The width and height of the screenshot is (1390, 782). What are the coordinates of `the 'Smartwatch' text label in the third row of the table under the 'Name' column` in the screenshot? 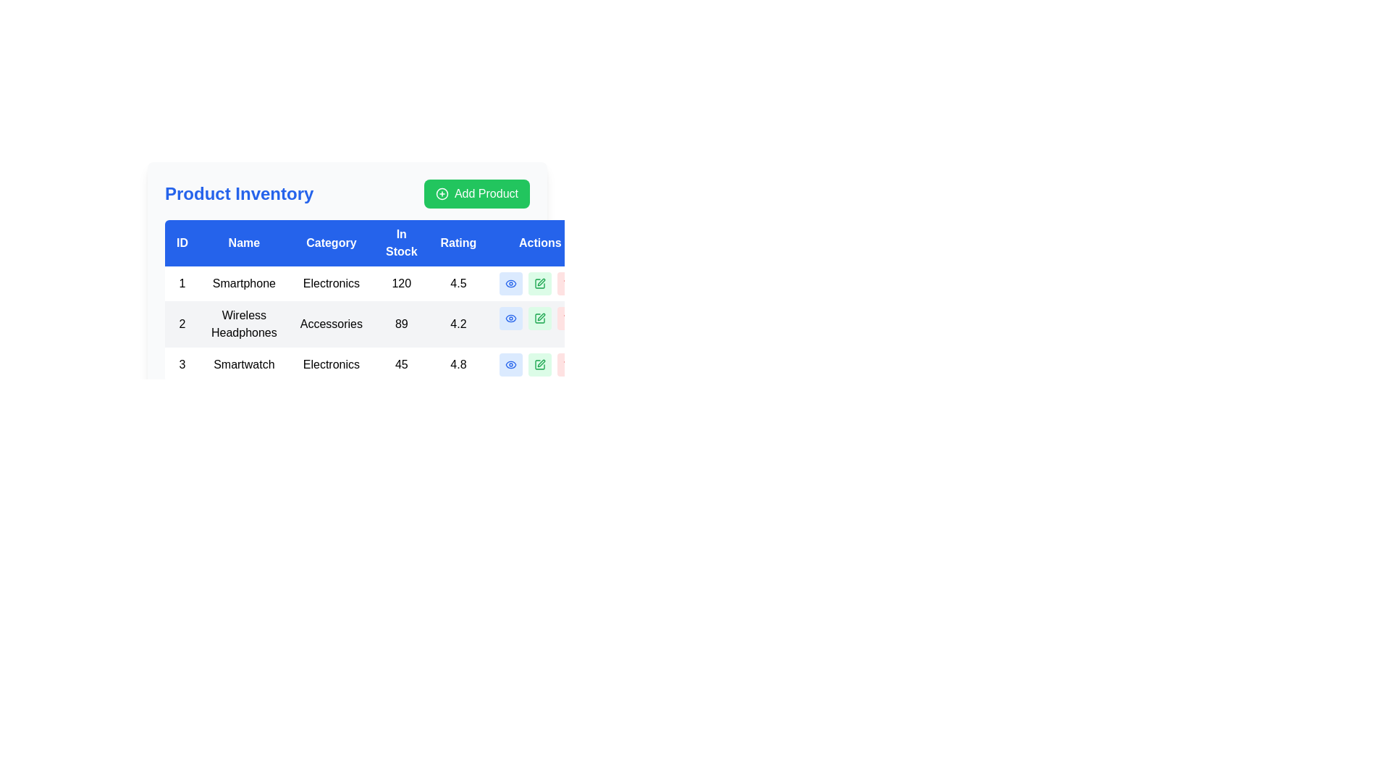 It's located at (244, 364).